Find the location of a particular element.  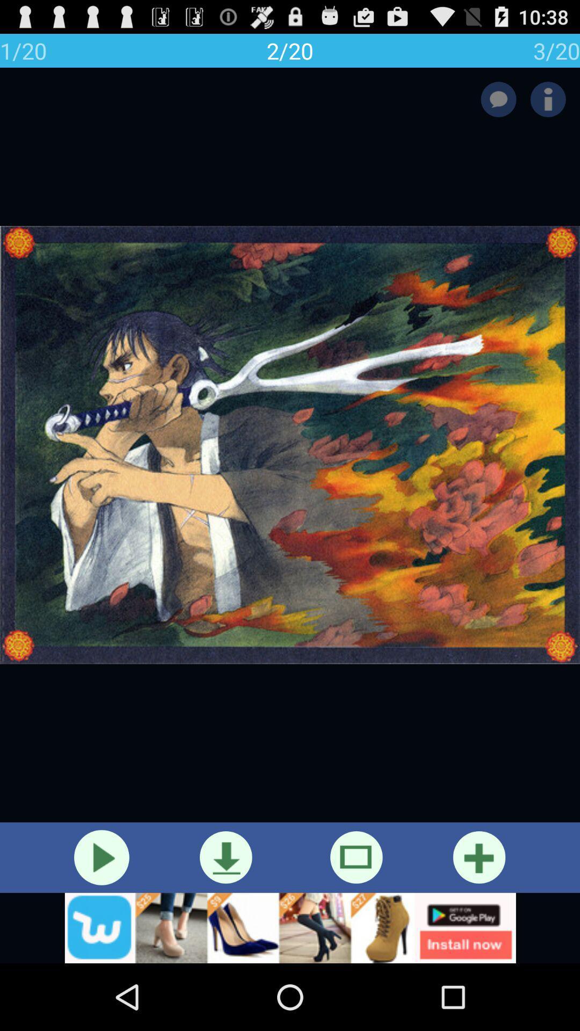

the download is located at coordinates (225, 856).